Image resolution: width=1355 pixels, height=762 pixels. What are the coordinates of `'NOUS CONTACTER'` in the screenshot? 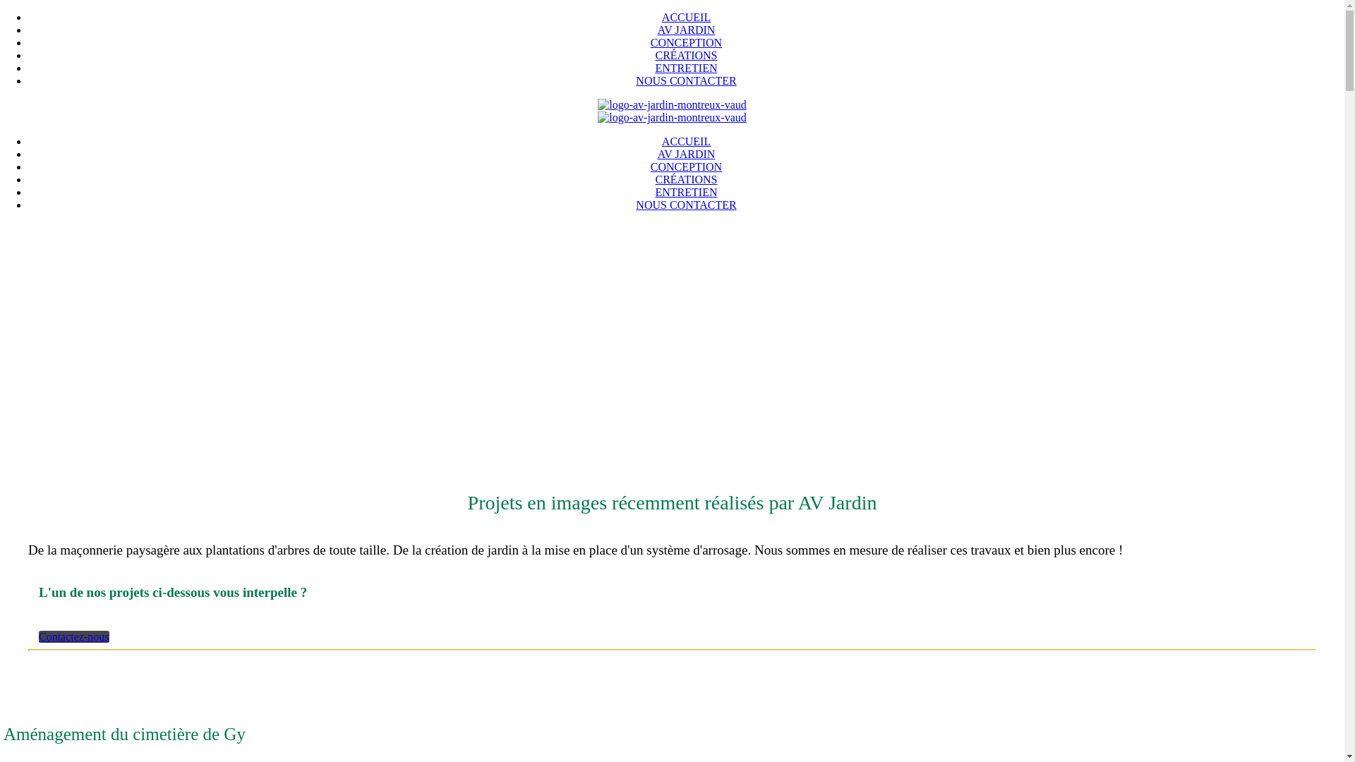 It's located at (685, 80).